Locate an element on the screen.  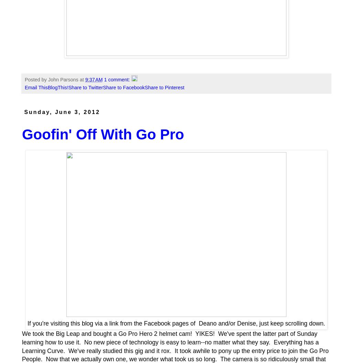
'Share to Pinterest' is located at coordinates (164, 87).